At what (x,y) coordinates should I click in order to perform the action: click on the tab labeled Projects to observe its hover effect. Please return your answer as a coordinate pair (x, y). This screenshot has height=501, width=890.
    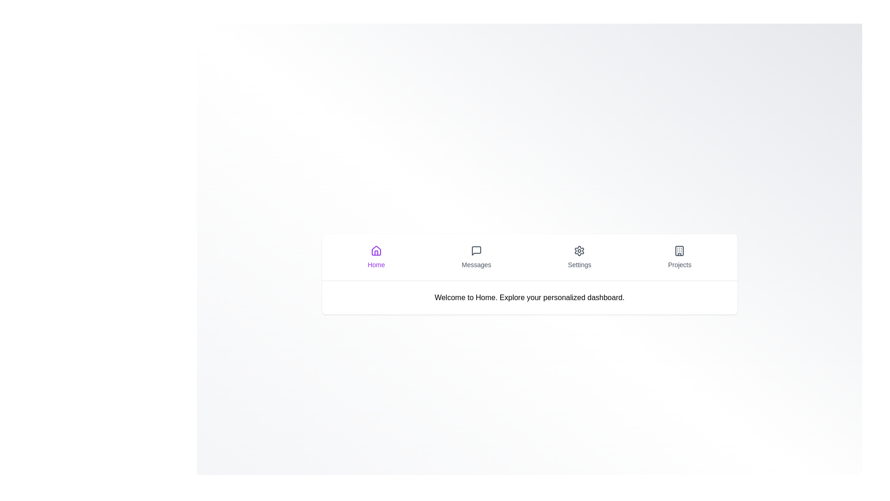
    Looking at the image, I should click on (680, 257).